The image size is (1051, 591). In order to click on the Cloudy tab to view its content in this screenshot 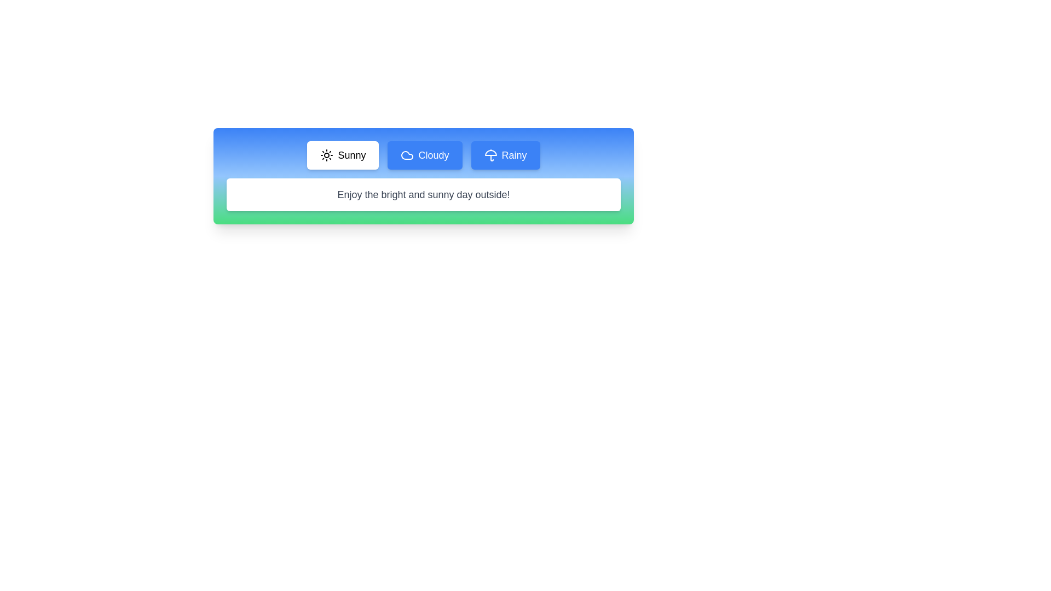, I will do `click(424, 155)`.